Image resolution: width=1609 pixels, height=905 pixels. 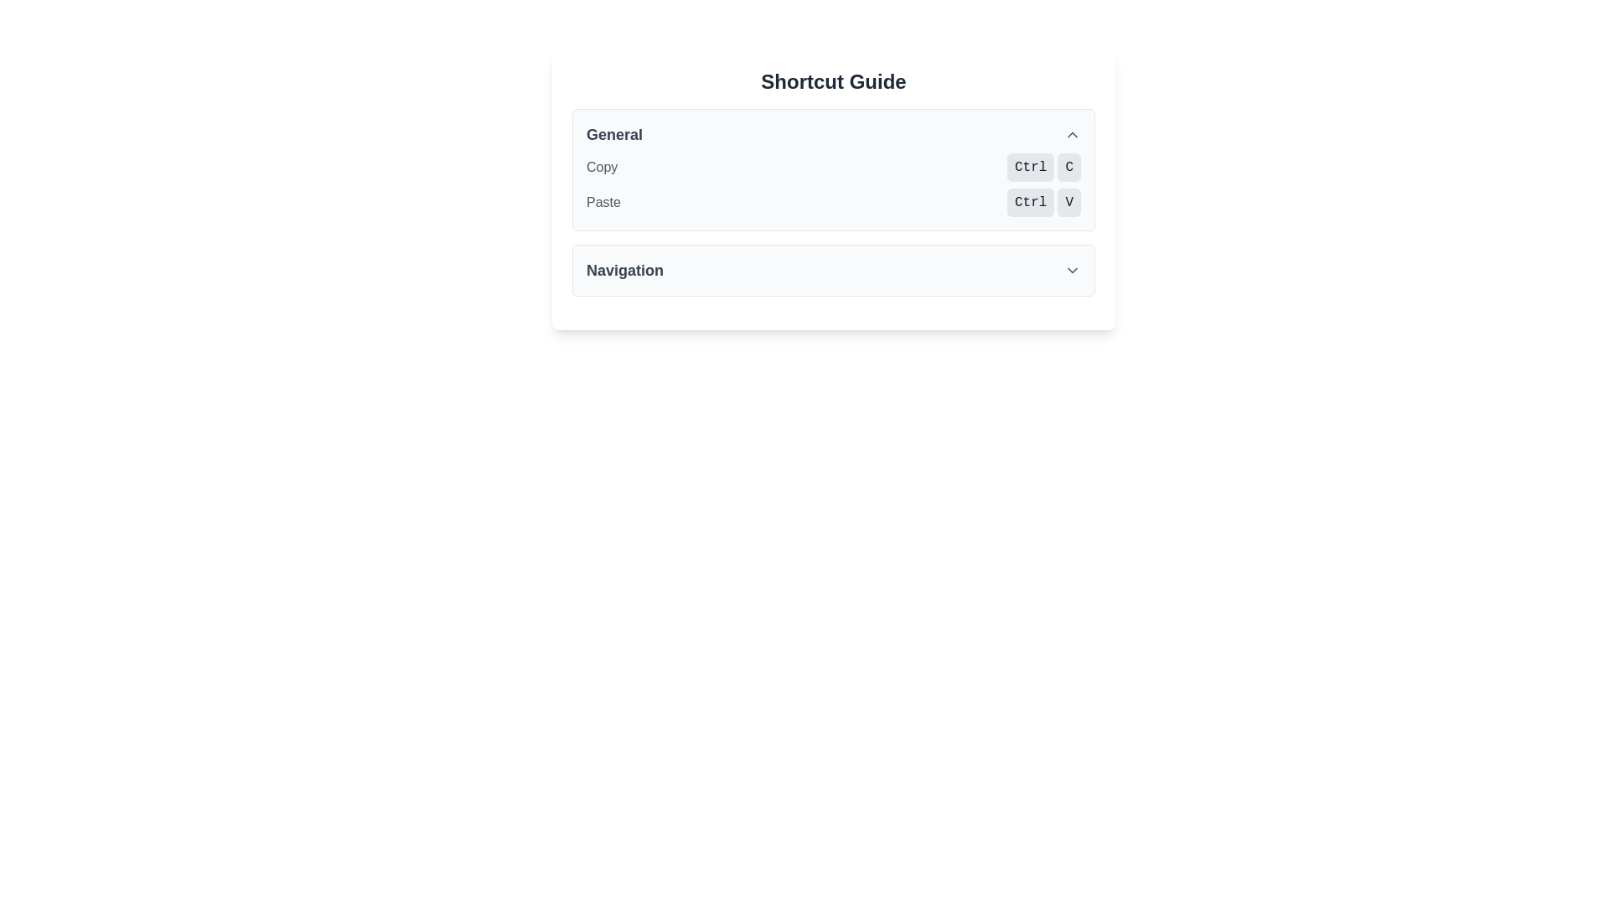 I want to click on the 'Navigation' text label, so click(x=623, y=270).